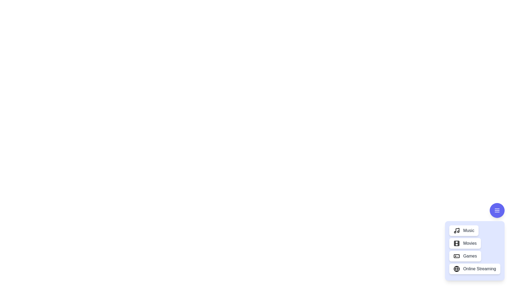 Image resolution: width=511 pixels, height=287 pixels. What do you see at coordinates (465, 243) in the screenshot?
I see `the 'Movies' button` at bounding box center [465, 243].